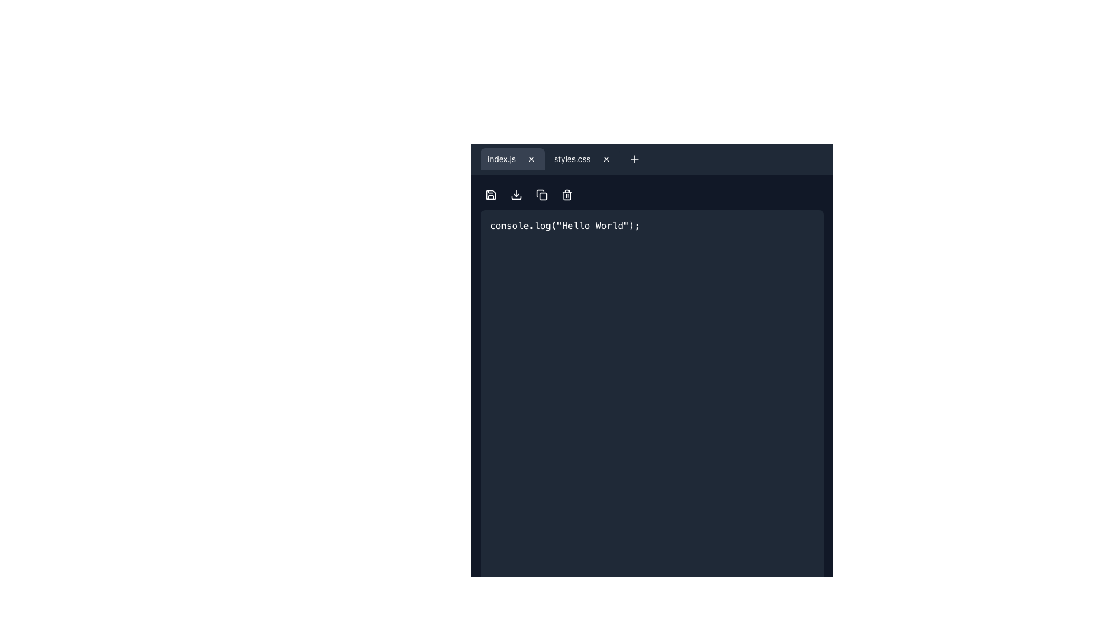 Image resolution: width=1108 pixels, height=623 pixels. What do you see at coordinates (605, 159) in the screenshot?
I see `the Close button located on the tab bar next to the title 'styles.css'` at bounding box center [605, 159].